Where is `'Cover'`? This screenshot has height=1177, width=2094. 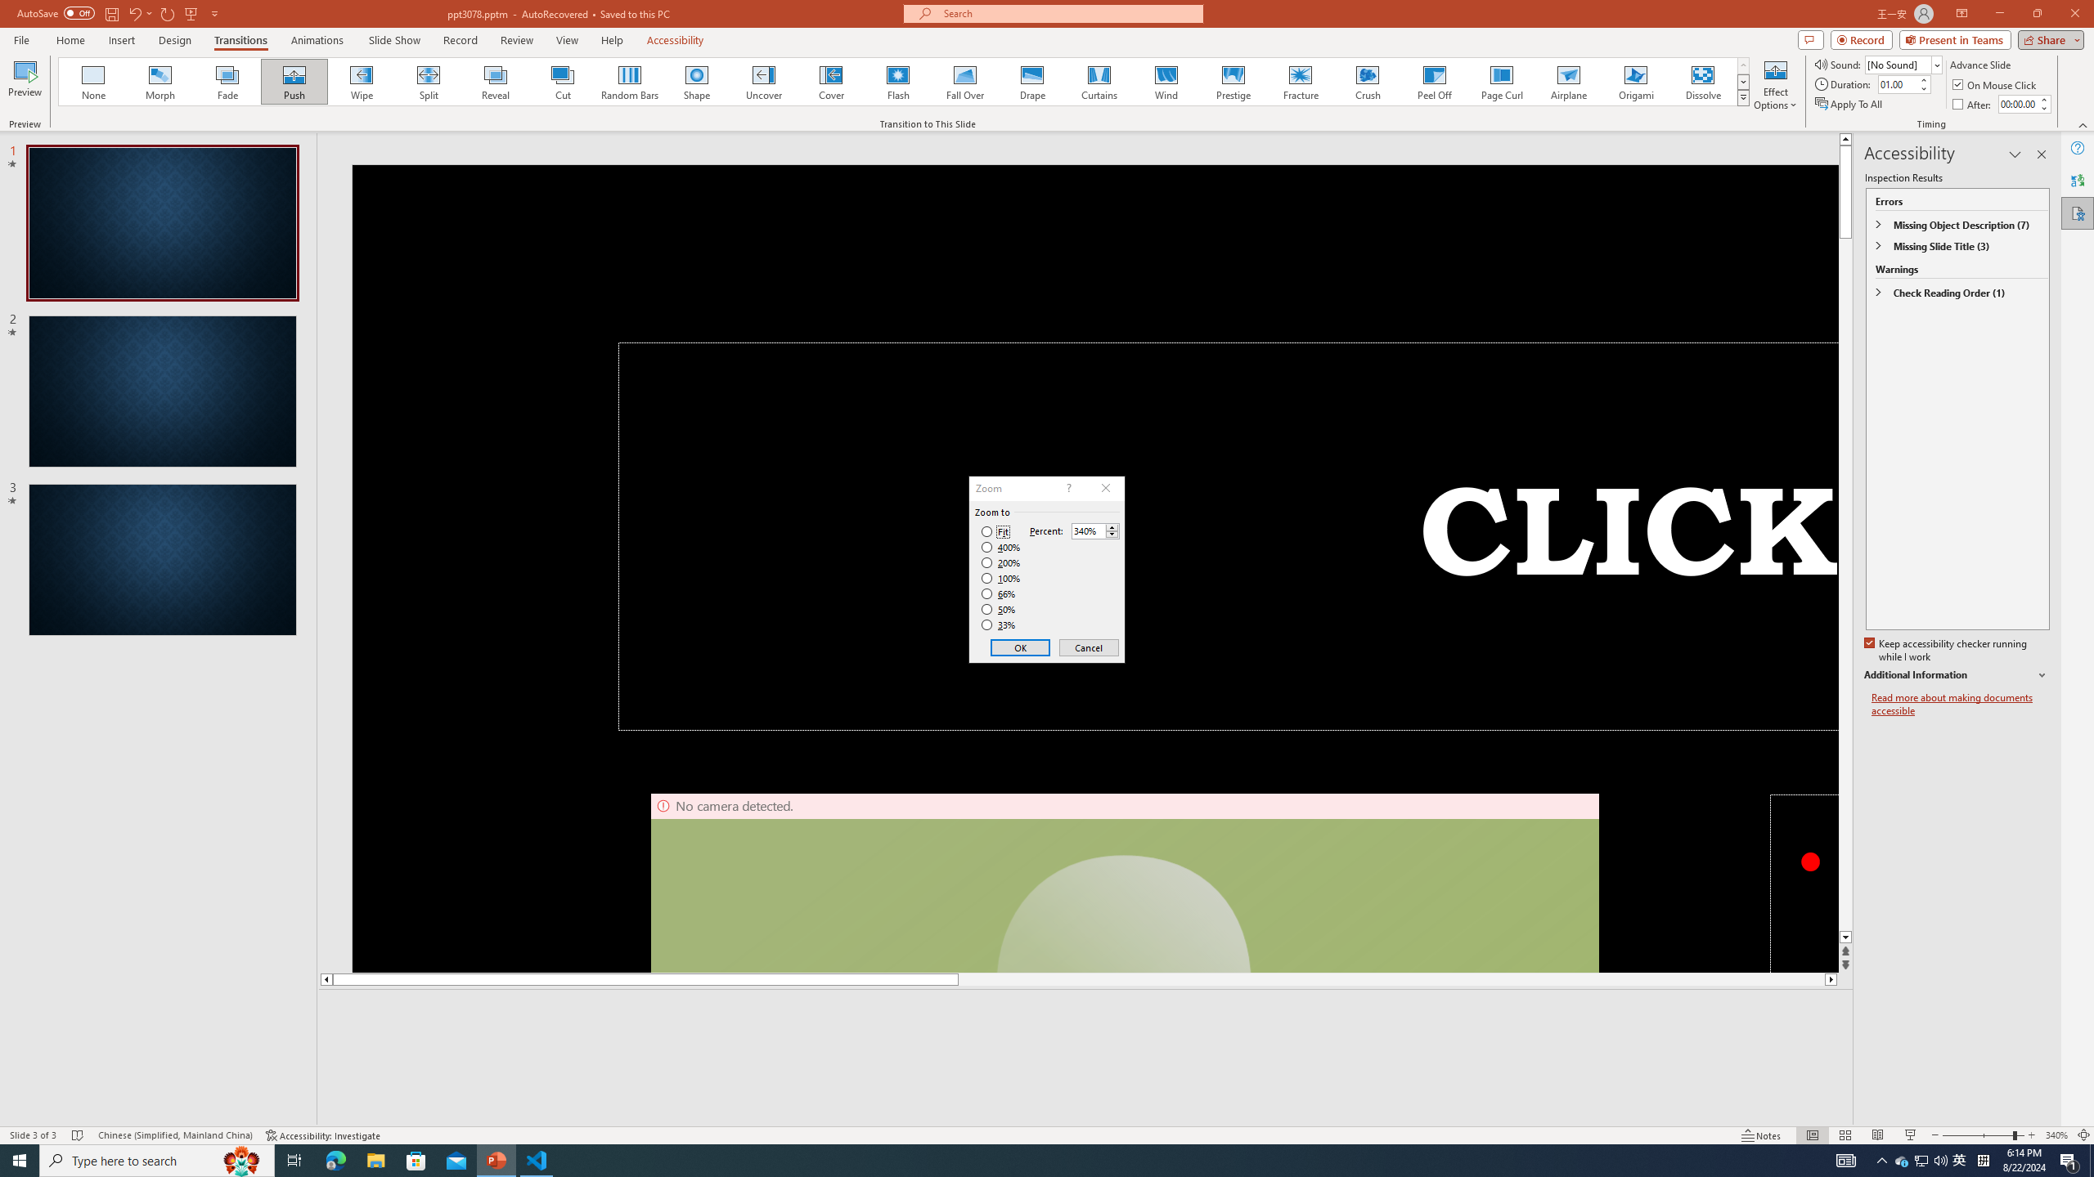 'Cover' is located at coordinates (830, 81).